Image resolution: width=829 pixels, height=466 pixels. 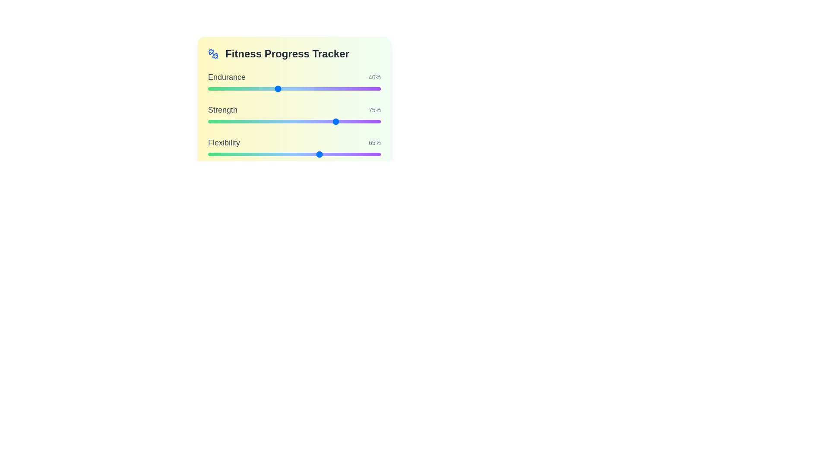 What do you see at coordinates (227, 76) in the screenshot?
I see `the 'Endurance' text label displayed in a medium-weight font, which is dark gray and part of the 'Fitness Progress Tracker' widget, positioned above a progress bar` at bounding box center [227, 76].